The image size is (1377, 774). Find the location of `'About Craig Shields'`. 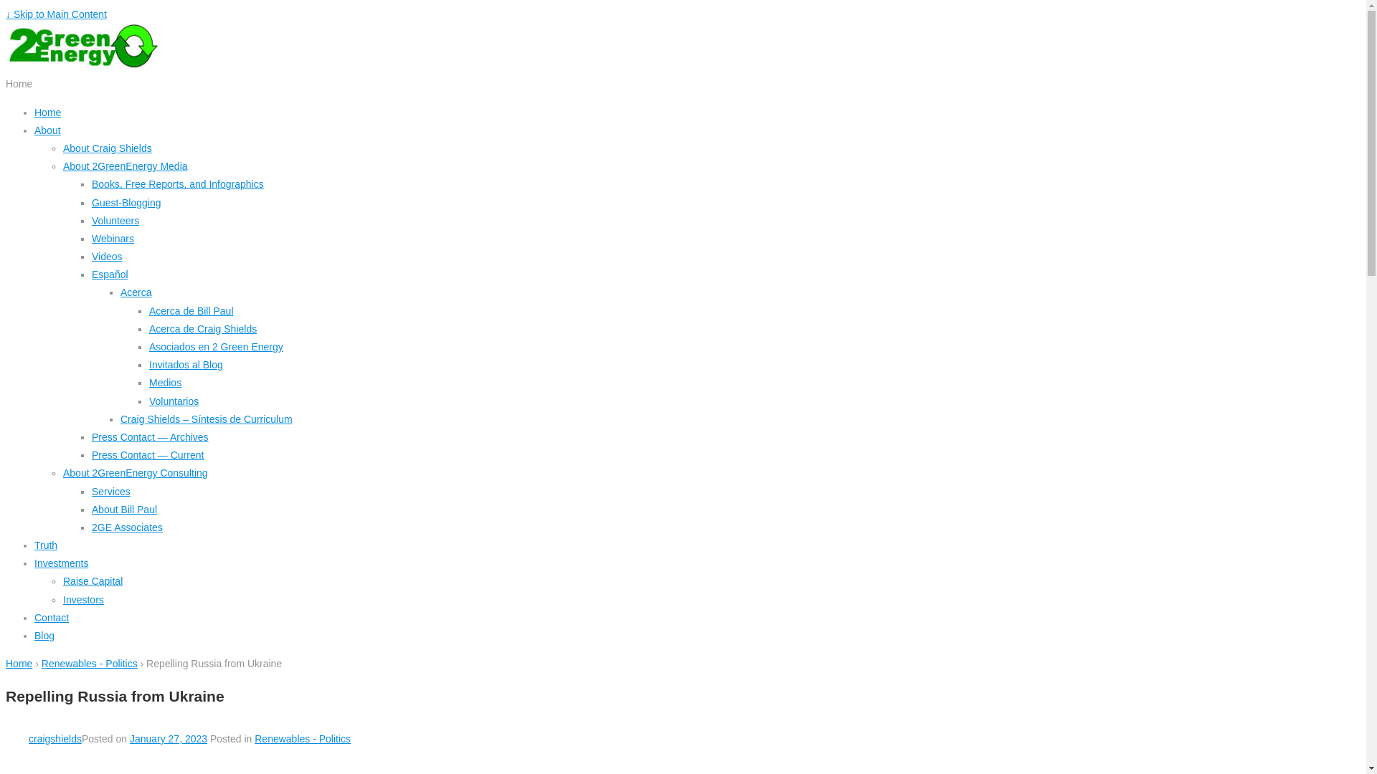

'About Craig Shields' is located at coordinates (106, 148).